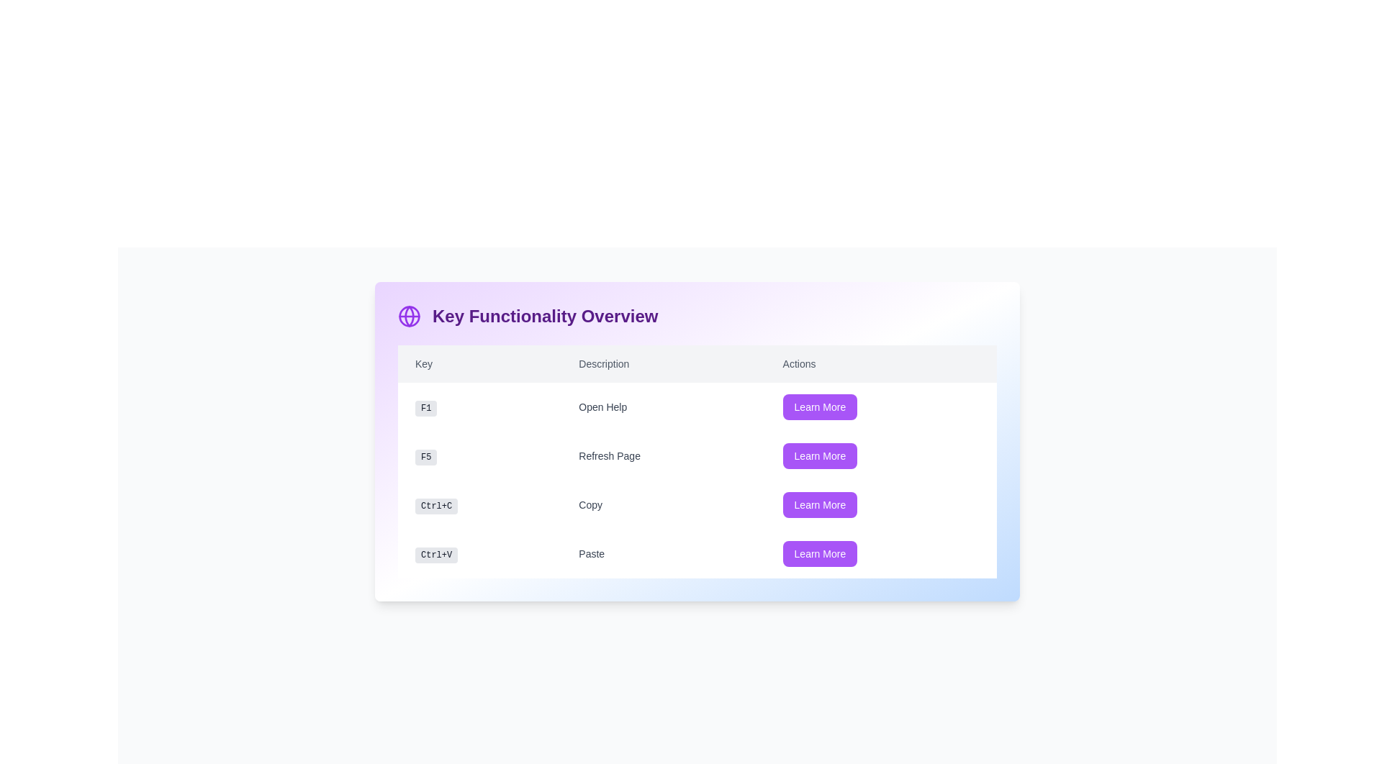  What do you see at coordinates (409, 315) in the screenshot?
I see `the SVG circle graphic with a purple stroke color located in the top-left corner of the card header` at bounding box center [409, 315].